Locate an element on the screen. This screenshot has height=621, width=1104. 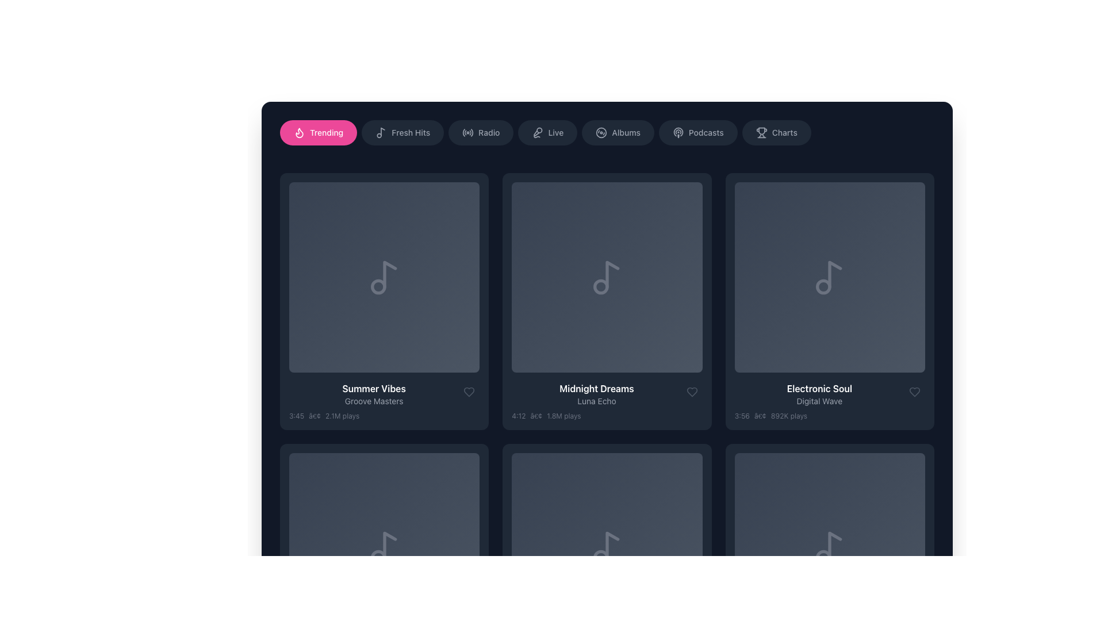
the third Music card in the top row of the grid layout is located at coordinates (830, 301).